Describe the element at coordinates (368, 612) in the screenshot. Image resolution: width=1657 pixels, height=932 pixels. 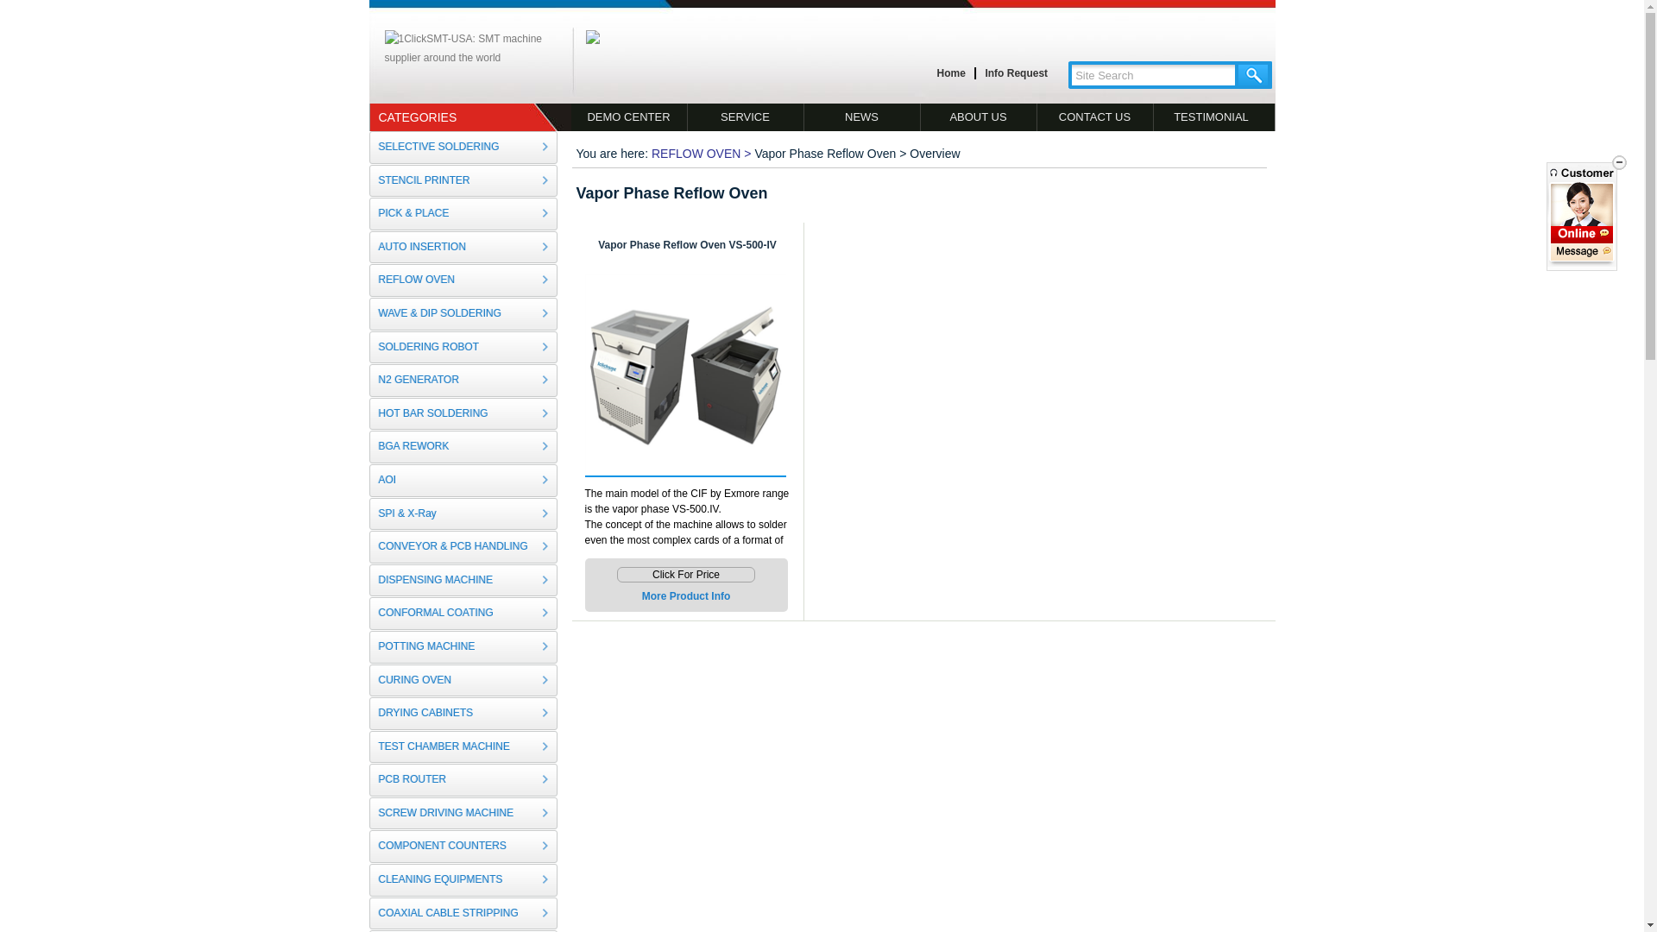
I see `'CONFORMAL COATING'` at that location.